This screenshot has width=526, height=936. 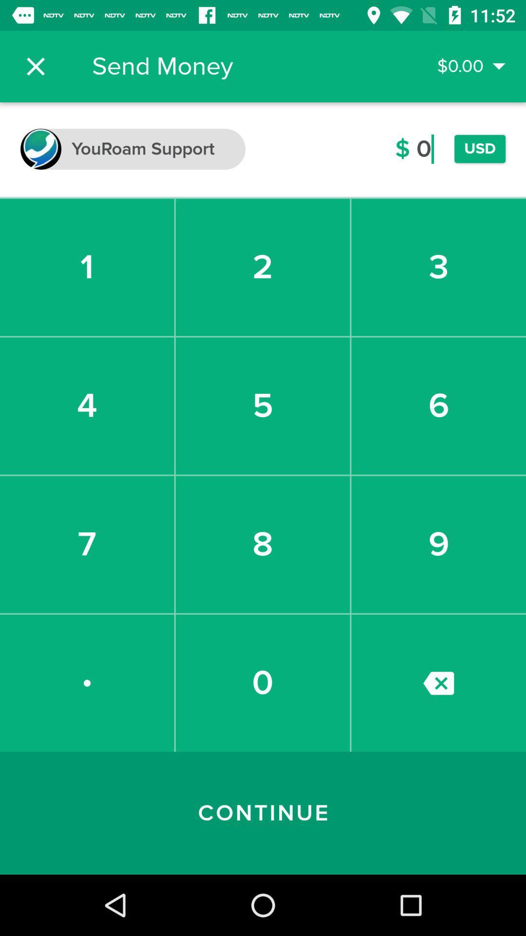 What do you see at coordinates (262, 267) in the screenshot?
I see `2 icon` at bounding box center [262, 267].